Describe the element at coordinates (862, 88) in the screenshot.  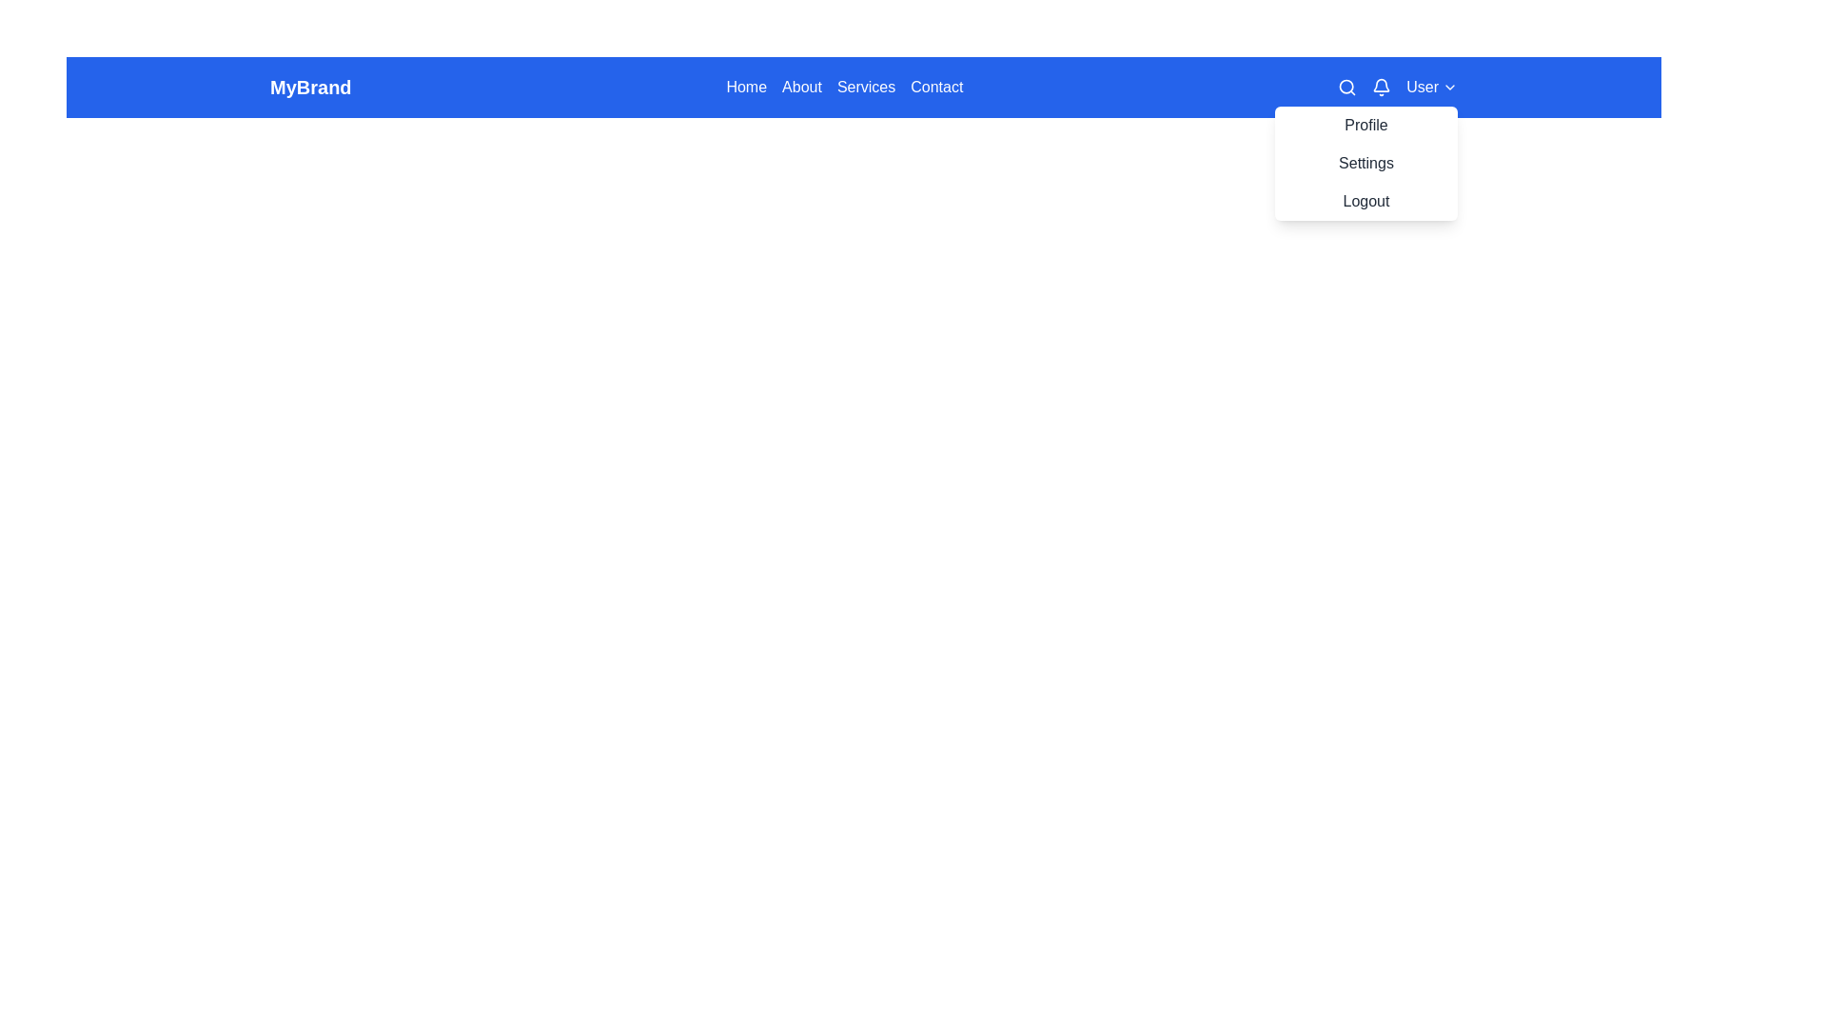
I see `the blue rectangular button labeled 'Services' in the top navigation bar` at that location.